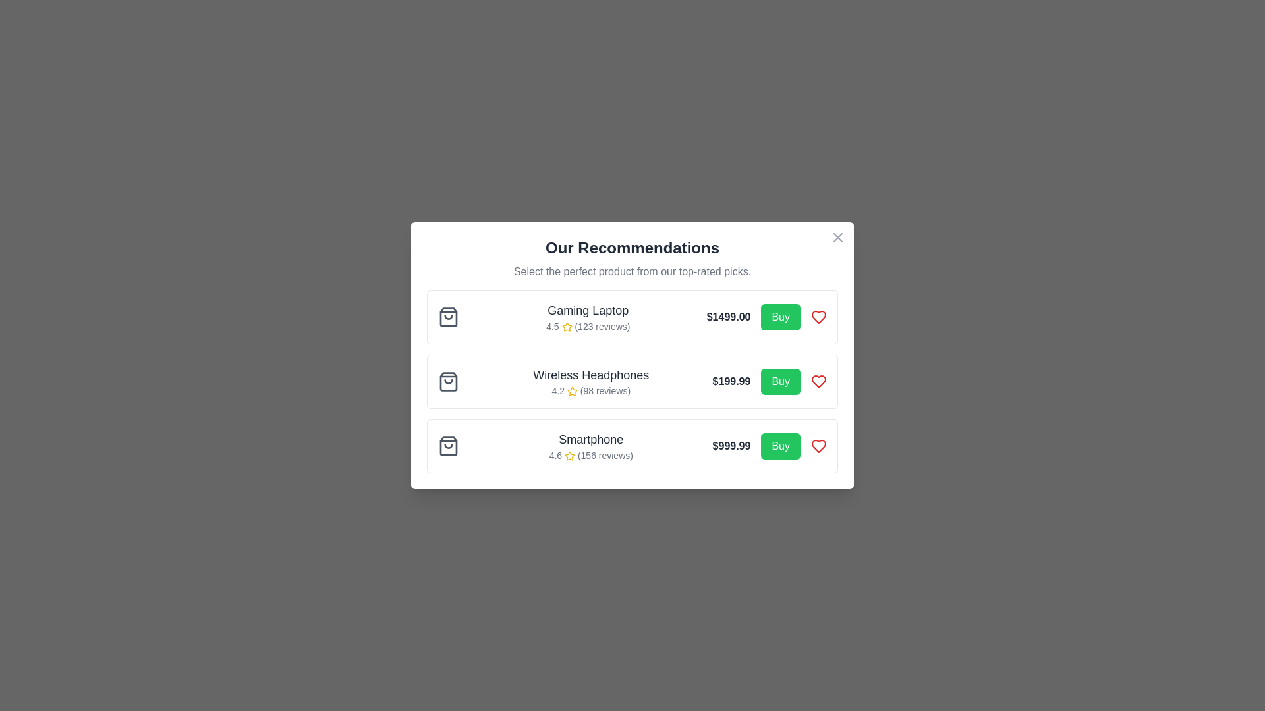 Image resolution: width=1265 pixels, height=711 pixels. I want to click on the text label displaying '4.6 (156 reviews)' with a yellow star icon, located below the title 'Smartphone' in the recommendation card, so click(590, 454).